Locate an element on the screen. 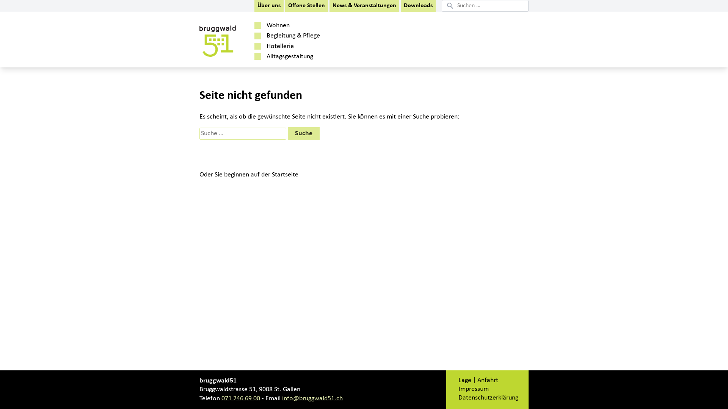 This screenshot has height=409, width=728. 'Suche' is located at coordinates (304, 133).